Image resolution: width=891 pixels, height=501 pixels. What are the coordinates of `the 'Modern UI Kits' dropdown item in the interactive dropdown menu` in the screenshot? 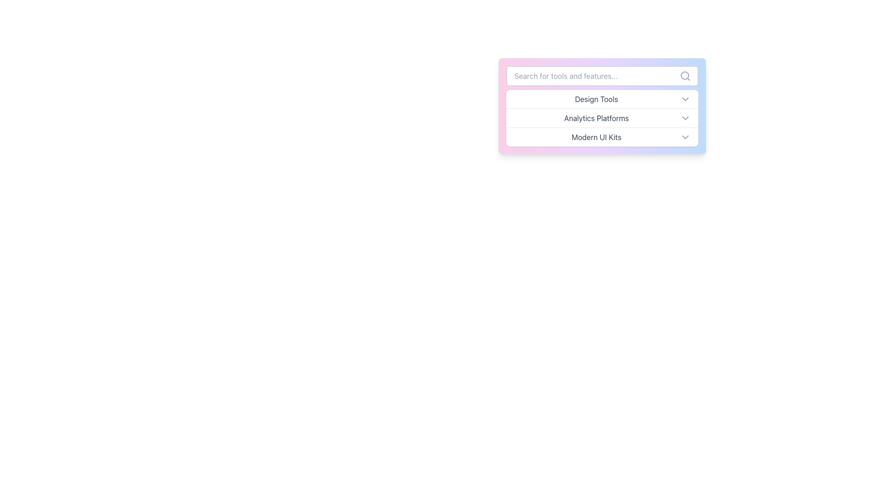 It's located at (602, 137).